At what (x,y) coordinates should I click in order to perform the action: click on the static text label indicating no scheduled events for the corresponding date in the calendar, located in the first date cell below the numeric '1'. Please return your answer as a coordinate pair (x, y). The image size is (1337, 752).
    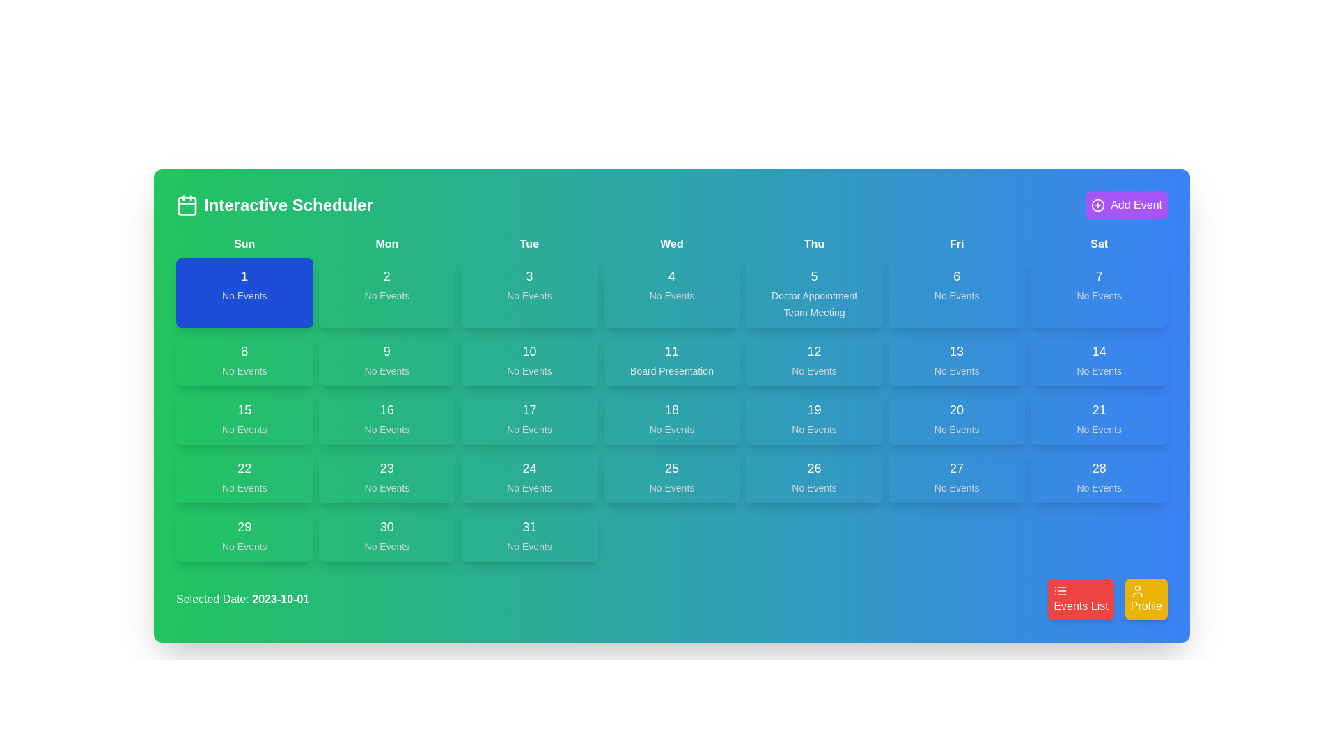
    Looking at the image, I should click on (244, 295).